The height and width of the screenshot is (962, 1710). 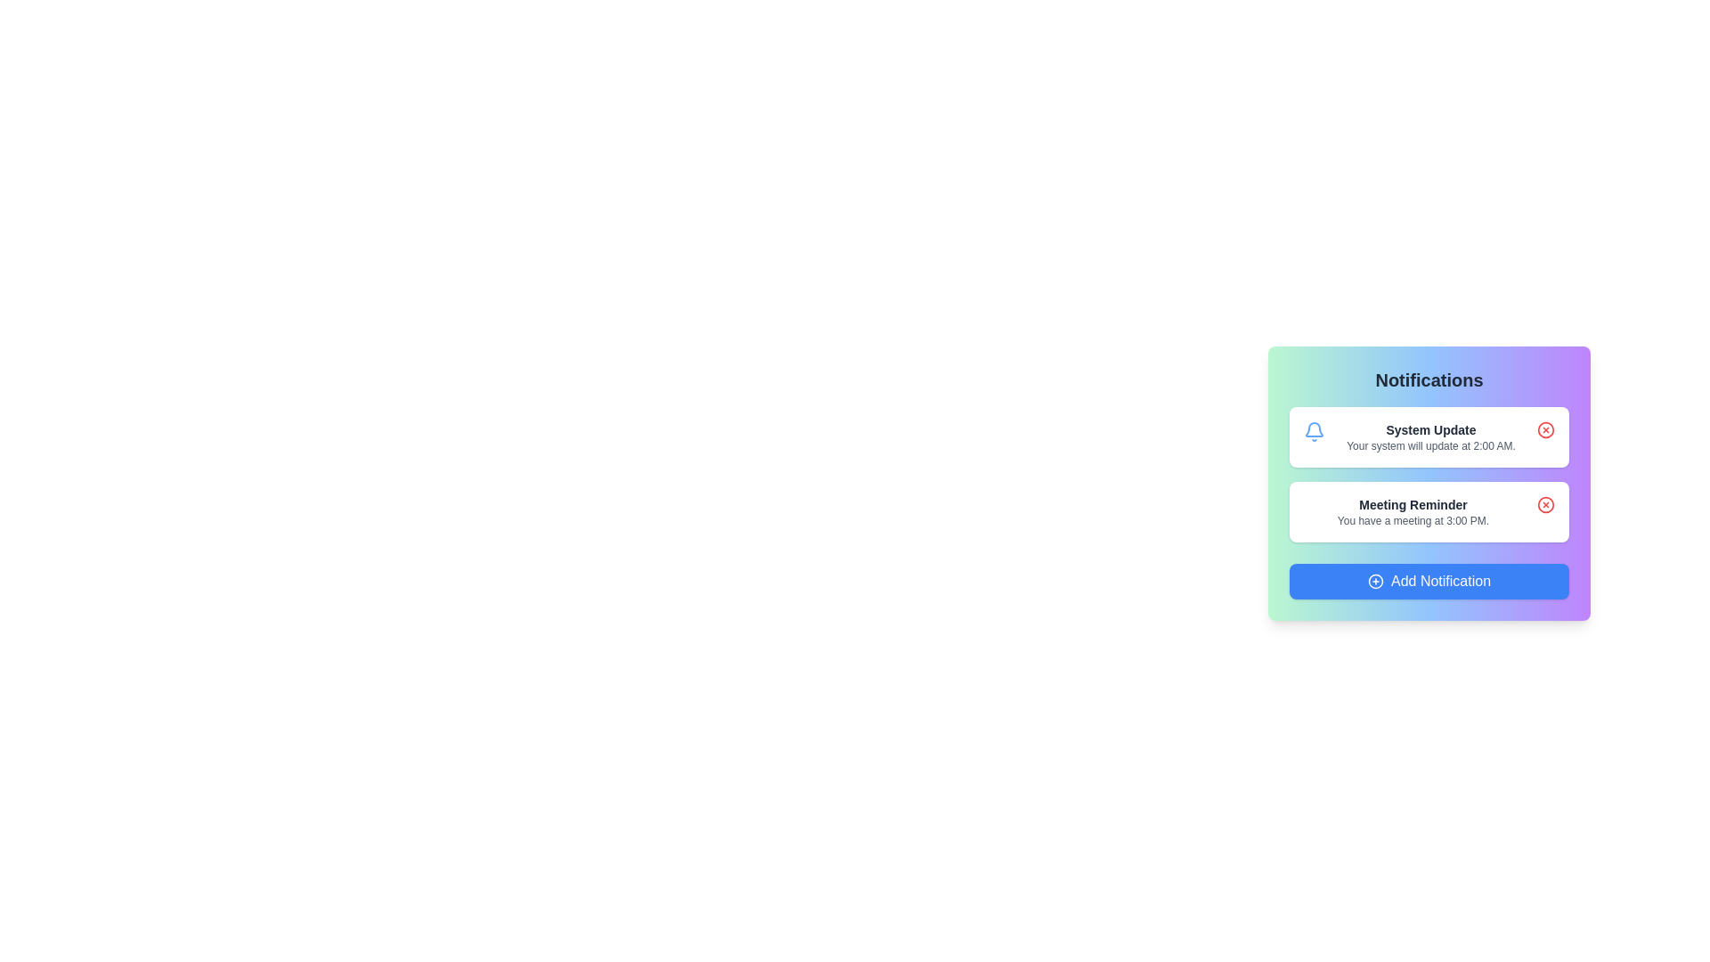 I want to click on the 'Add Notification' button to add a new notification, so click(x=1429, y=581).